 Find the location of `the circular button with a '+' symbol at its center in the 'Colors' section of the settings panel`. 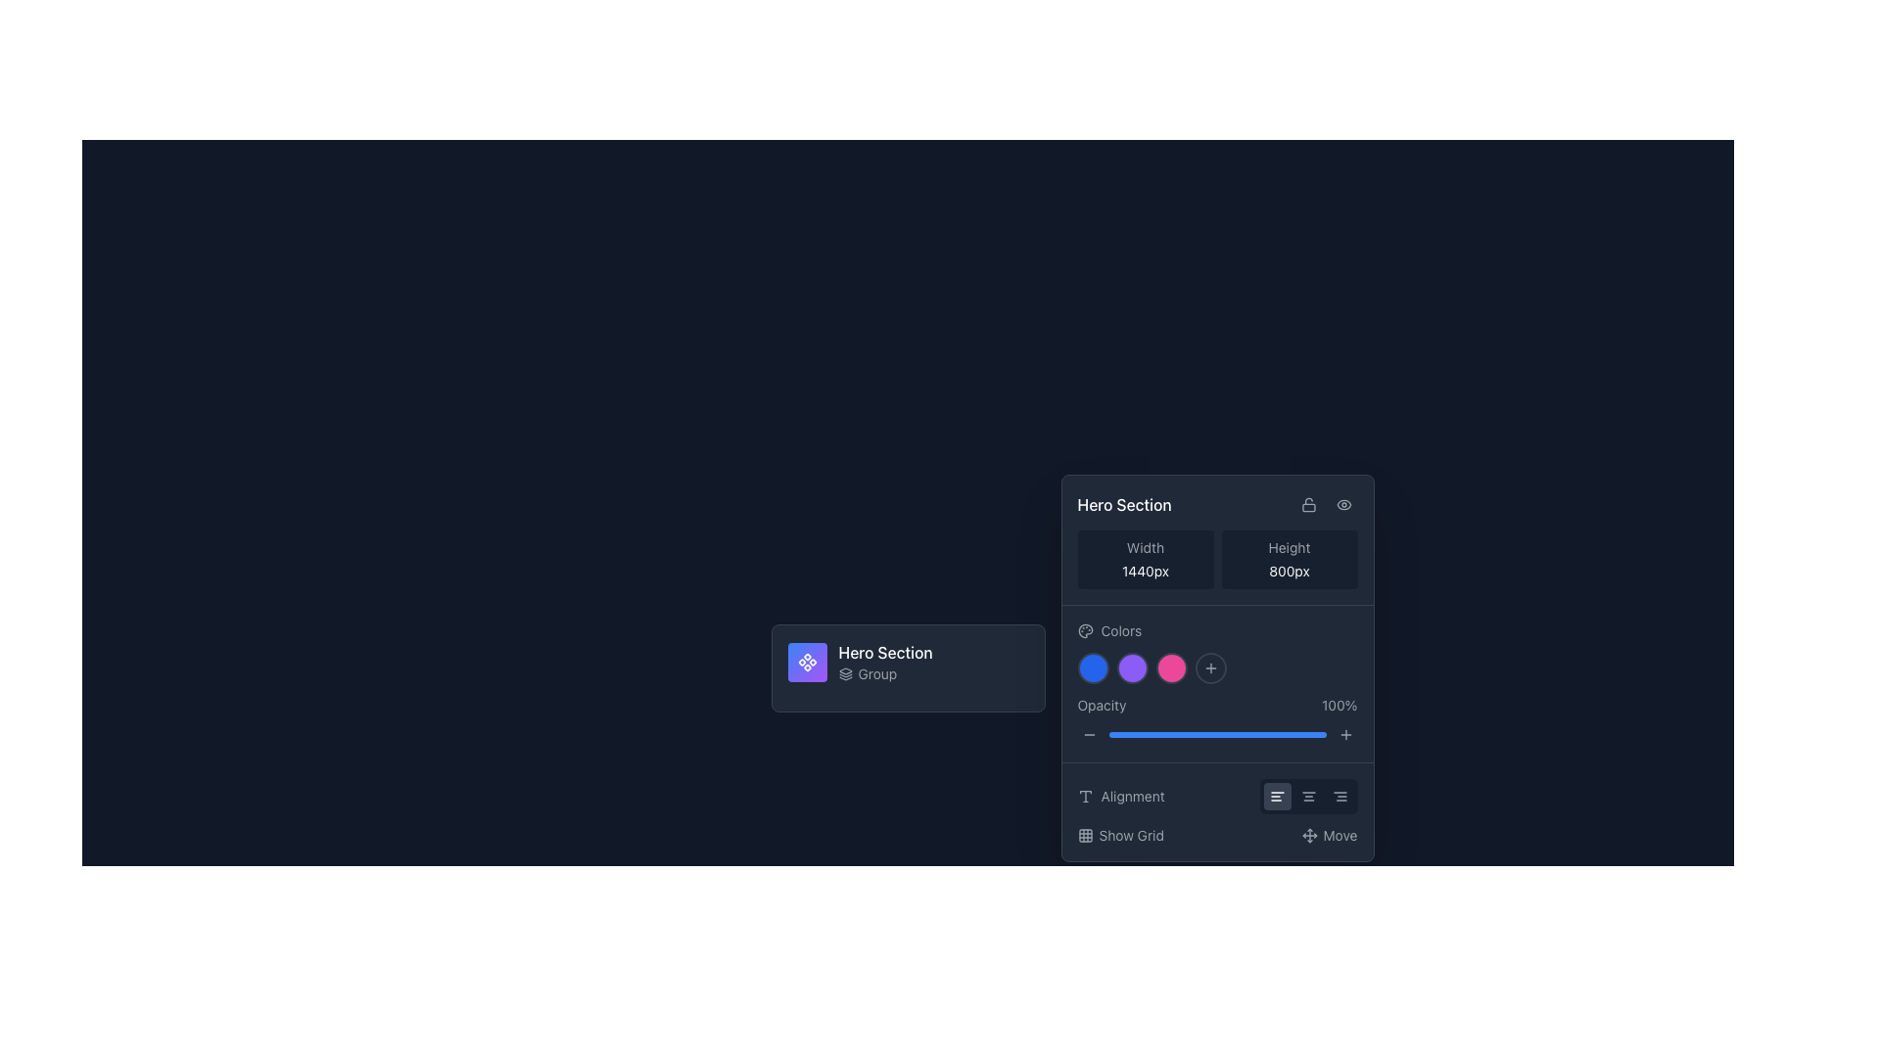

the circular button with a '+' symbol at its center in the 'Colors' section of the settings panel is located at coordinates (1209, 666).